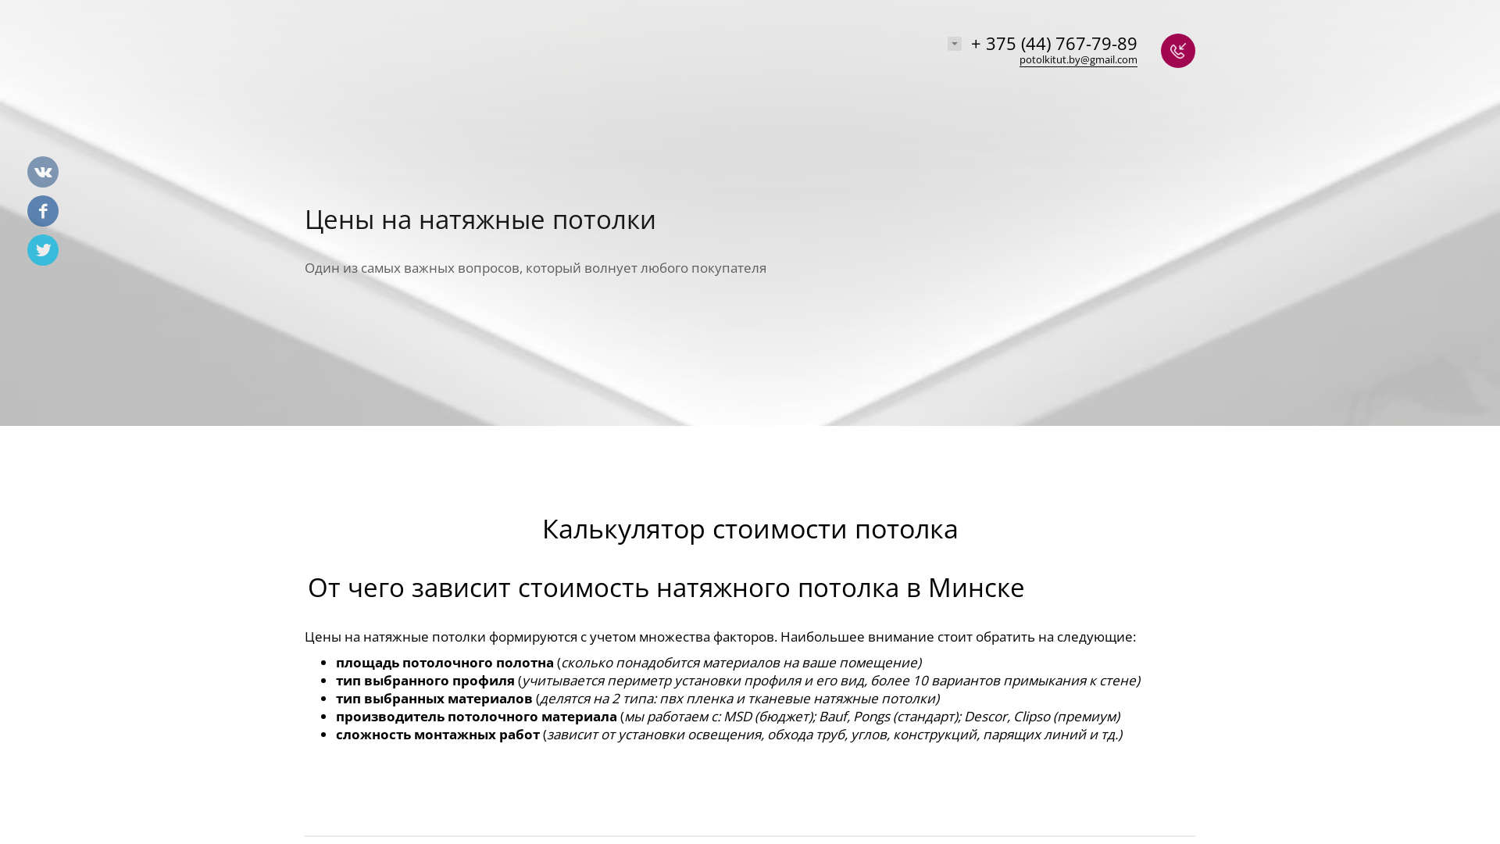 The height and width of the screenshot is (844, 1500). What do you see at coordinates (1054, 41) in the screenshot?
I see `'+ 375 (44) 767-79-89'` at bounding box center [1054, 41].